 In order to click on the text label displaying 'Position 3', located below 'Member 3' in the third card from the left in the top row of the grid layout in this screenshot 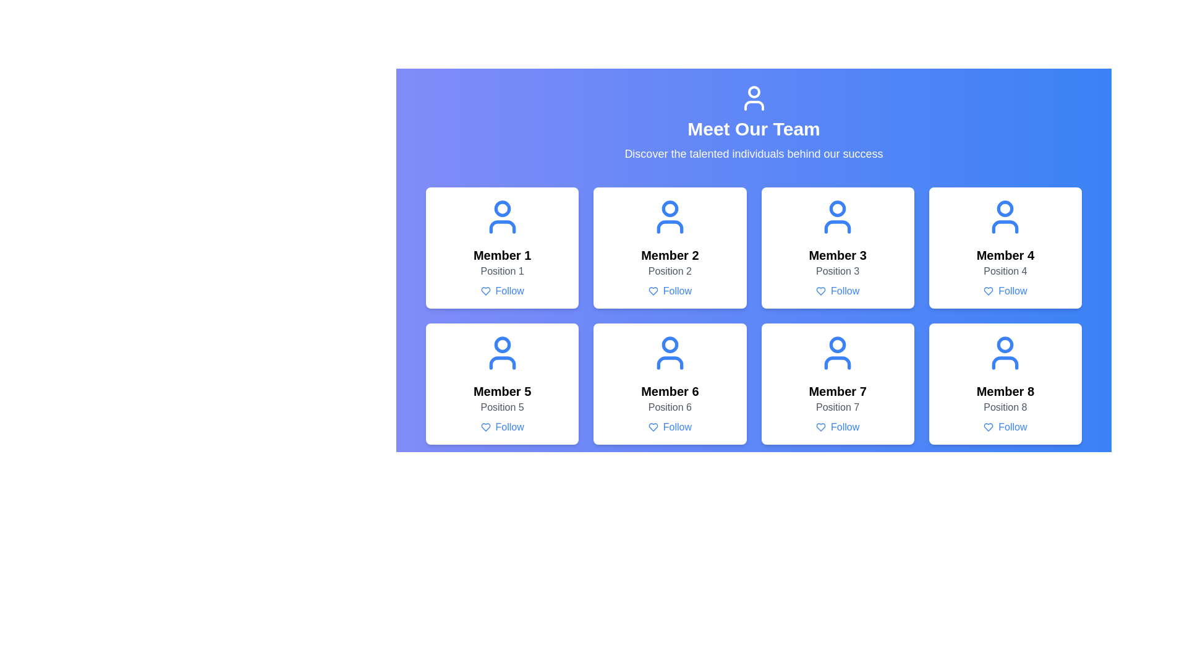, I will do `click(838, 271)`.